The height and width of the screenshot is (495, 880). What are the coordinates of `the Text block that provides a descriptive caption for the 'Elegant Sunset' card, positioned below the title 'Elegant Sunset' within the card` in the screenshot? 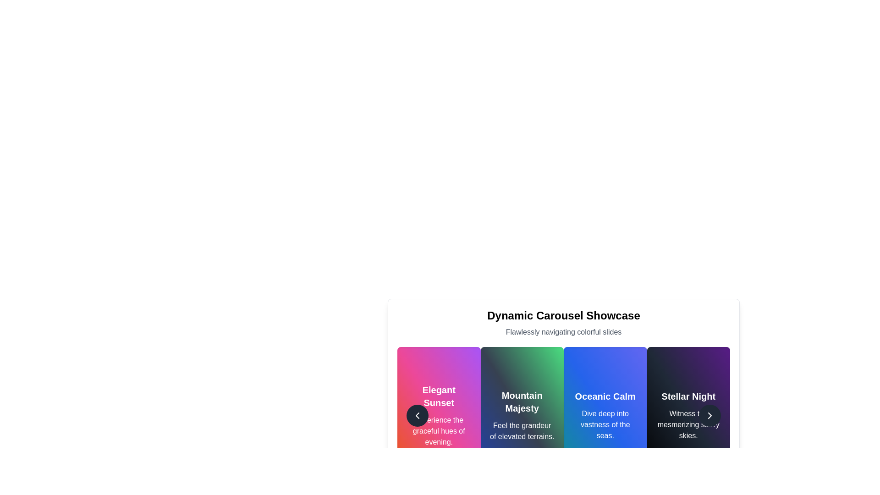 It's located at (438, 431).